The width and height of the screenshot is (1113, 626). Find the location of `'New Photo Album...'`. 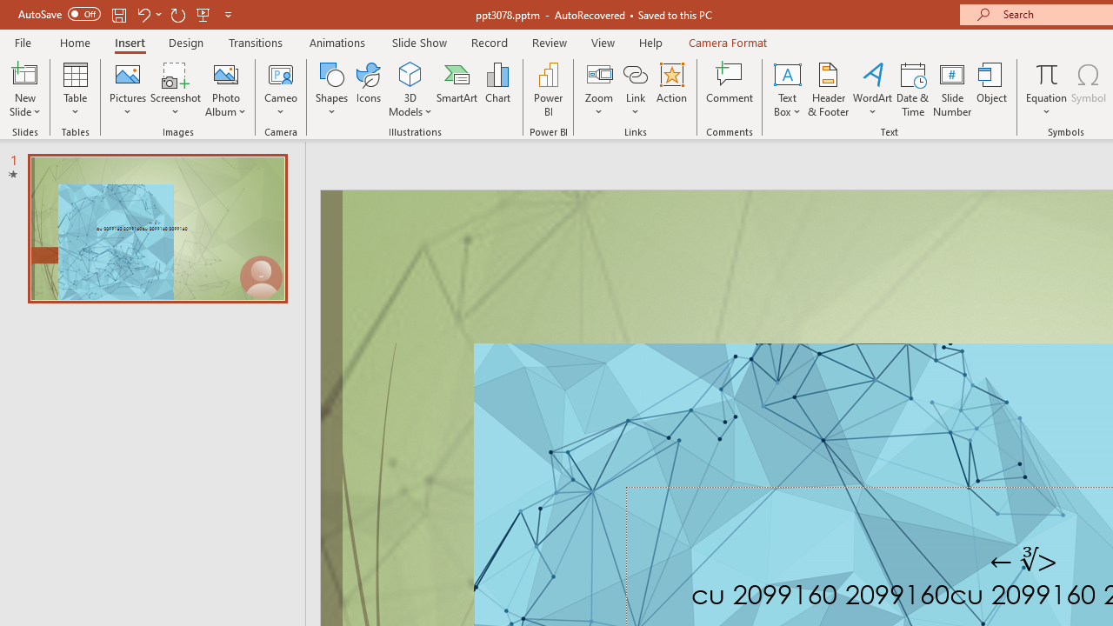

'New Photo Album...' is located at coordinates (224, 73).